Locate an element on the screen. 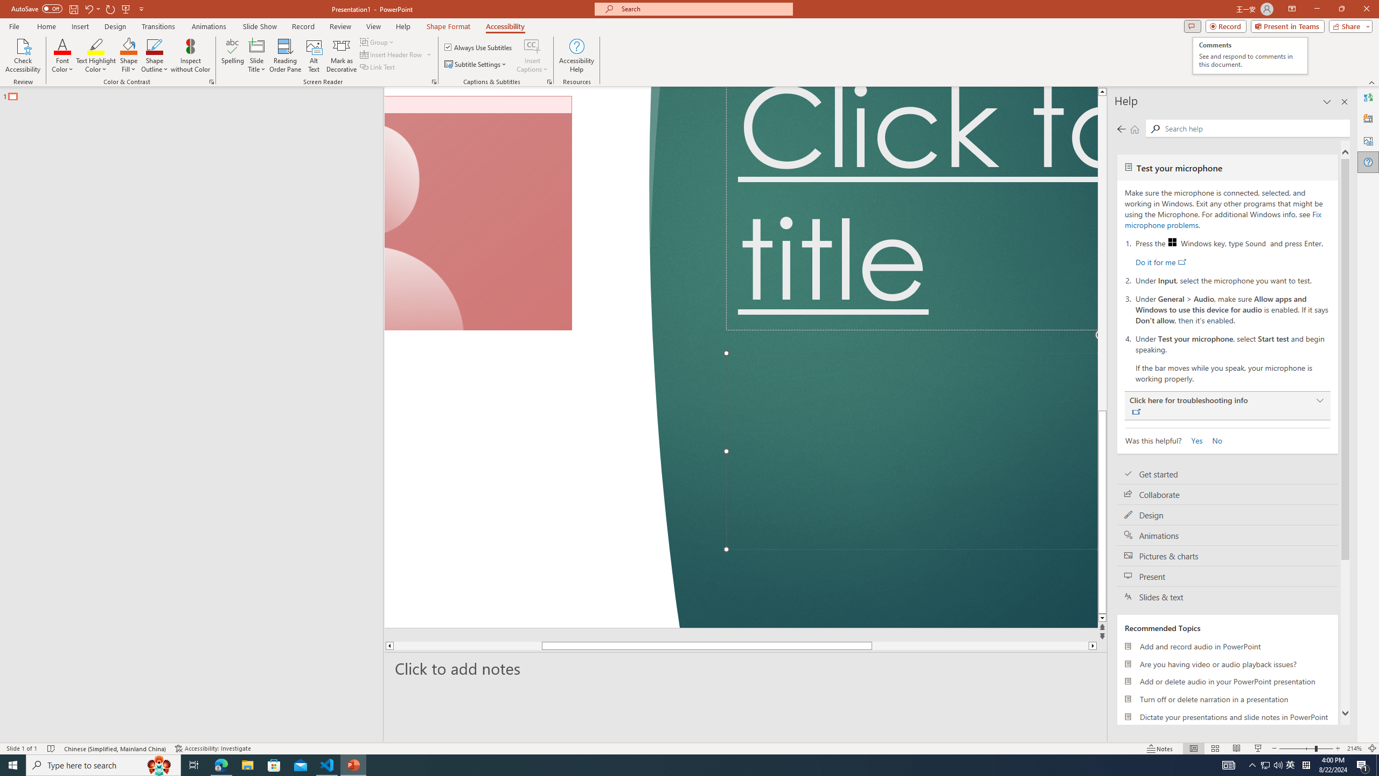 The image size is (1379, 776). 'Dictate your presentations and slide notes in PowerPoint' is located at coordinates (1227, 716).